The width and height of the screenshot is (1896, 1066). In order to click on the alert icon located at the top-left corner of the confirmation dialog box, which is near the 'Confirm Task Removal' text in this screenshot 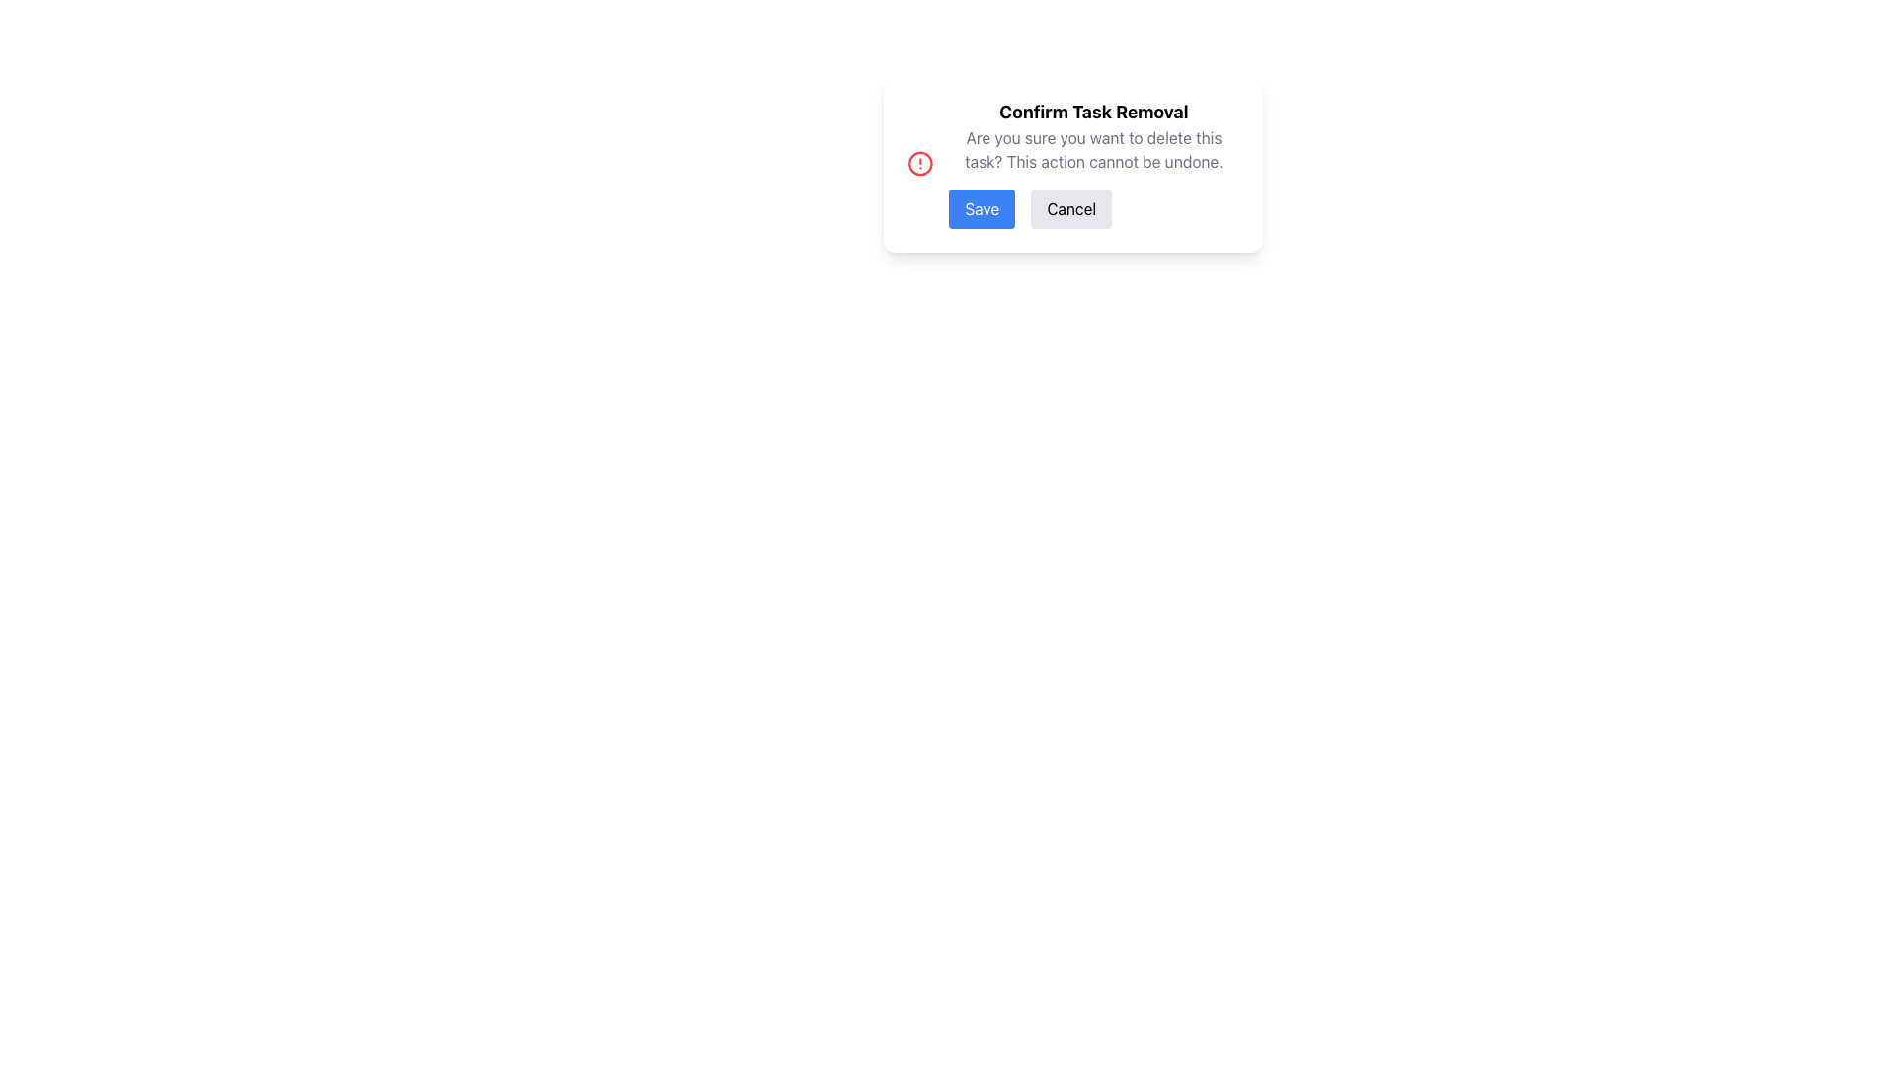, I will do `click(918, 162)`.